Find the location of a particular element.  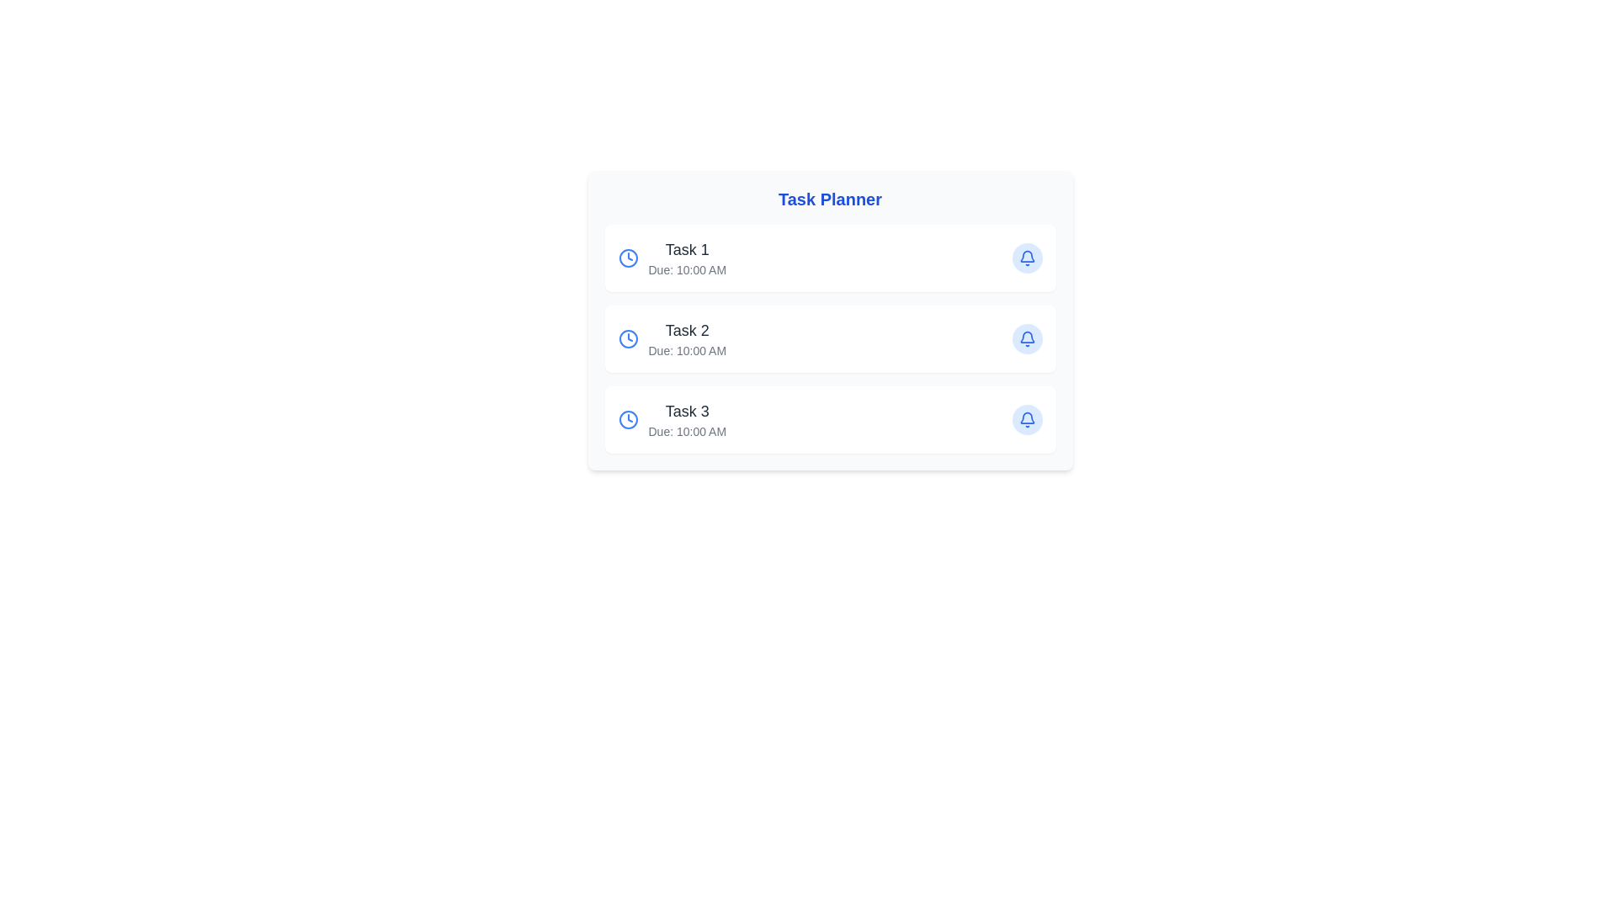

the circular graphical component with a blue outline located at the center of the clock icon in the first task row of the task planner is located at coordinates (627, 258).